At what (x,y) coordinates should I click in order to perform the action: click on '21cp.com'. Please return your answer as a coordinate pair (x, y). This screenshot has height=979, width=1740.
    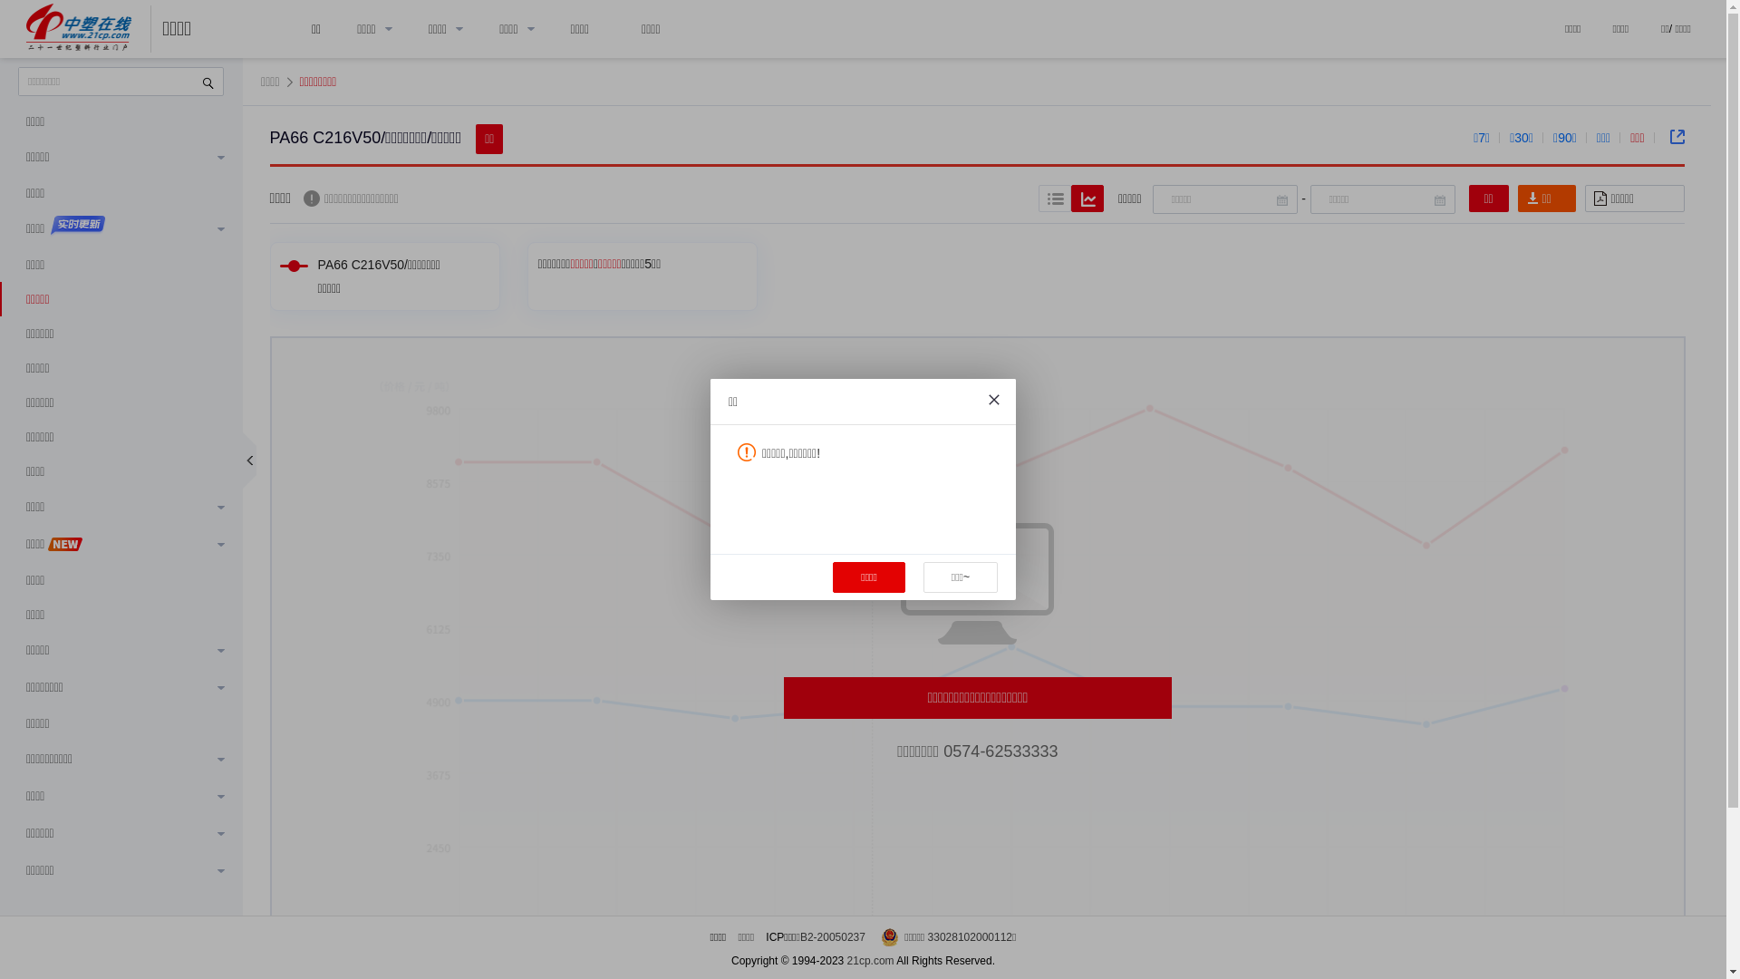
    Looking at the image, I should click on (870, 960).